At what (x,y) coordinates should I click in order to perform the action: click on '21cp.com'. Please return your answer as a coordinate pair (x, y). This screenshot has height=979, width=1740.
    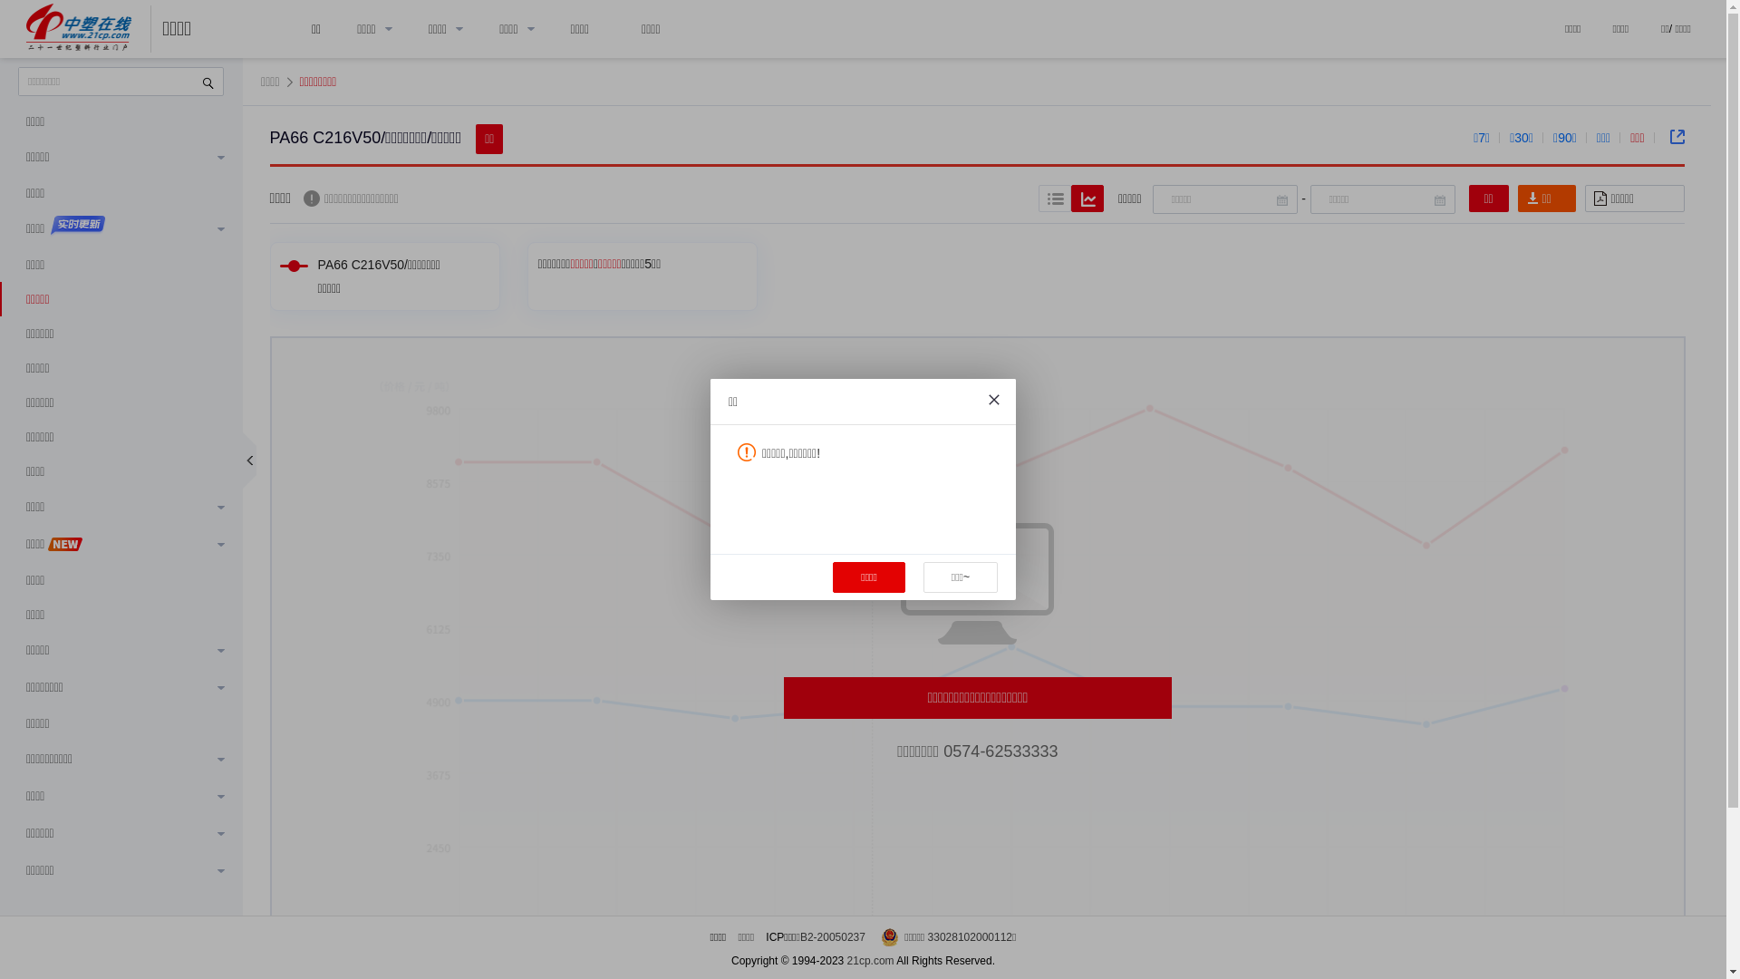
    Looking at the image, I should click on (870, 960).